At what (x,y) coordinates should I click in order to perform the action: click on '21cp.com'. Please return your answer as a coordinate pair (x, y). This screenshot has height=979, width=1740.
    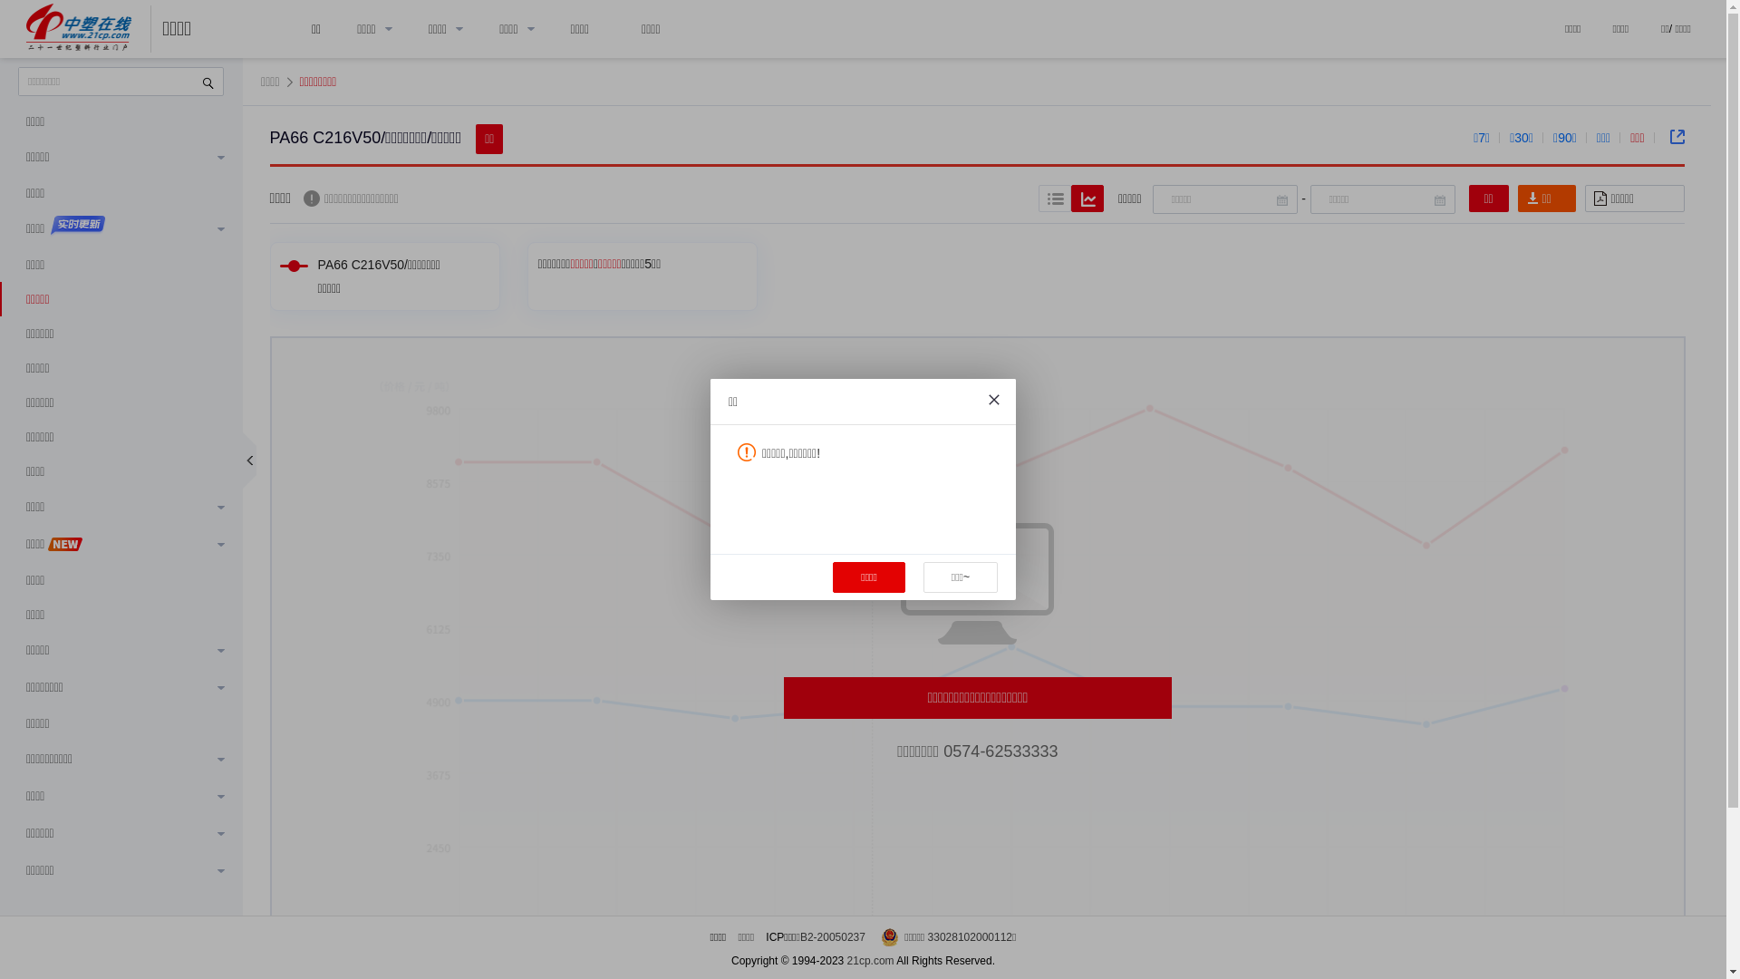
    Looking at the image, I should click on (870, 960).